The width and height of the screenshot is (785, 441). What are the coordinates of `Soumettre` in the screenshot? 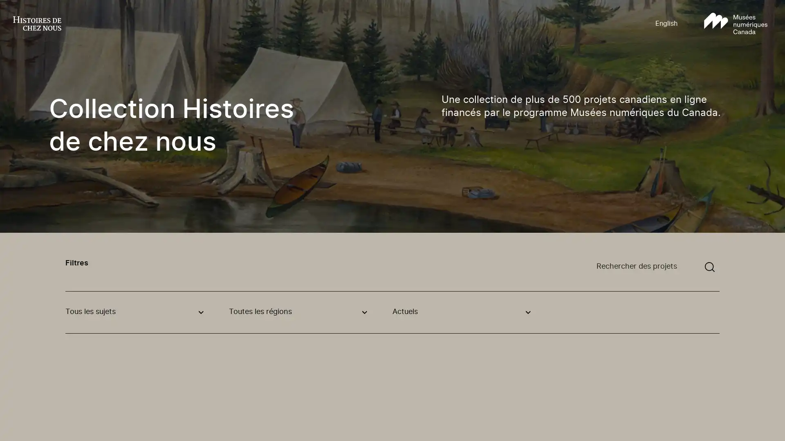 It's located at (709, 267).